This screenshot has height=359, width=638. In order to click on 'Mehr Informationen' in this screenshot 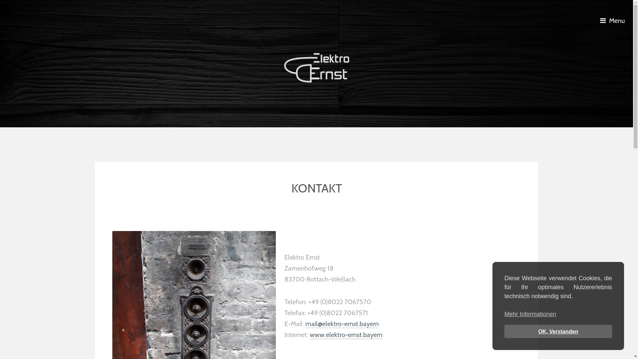, I will do `click(530, 314)`.